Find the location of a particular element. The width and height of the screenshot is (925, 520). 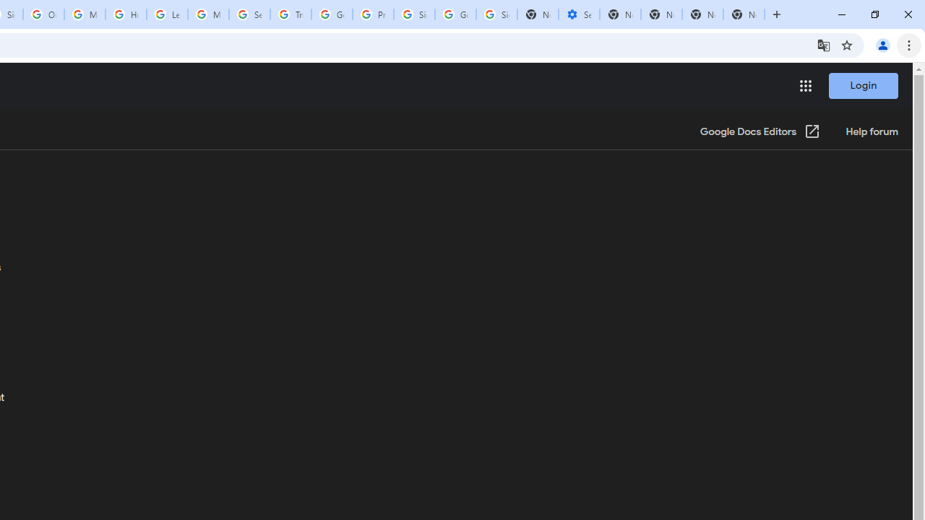

'You' is located at coordinates (882, 44).